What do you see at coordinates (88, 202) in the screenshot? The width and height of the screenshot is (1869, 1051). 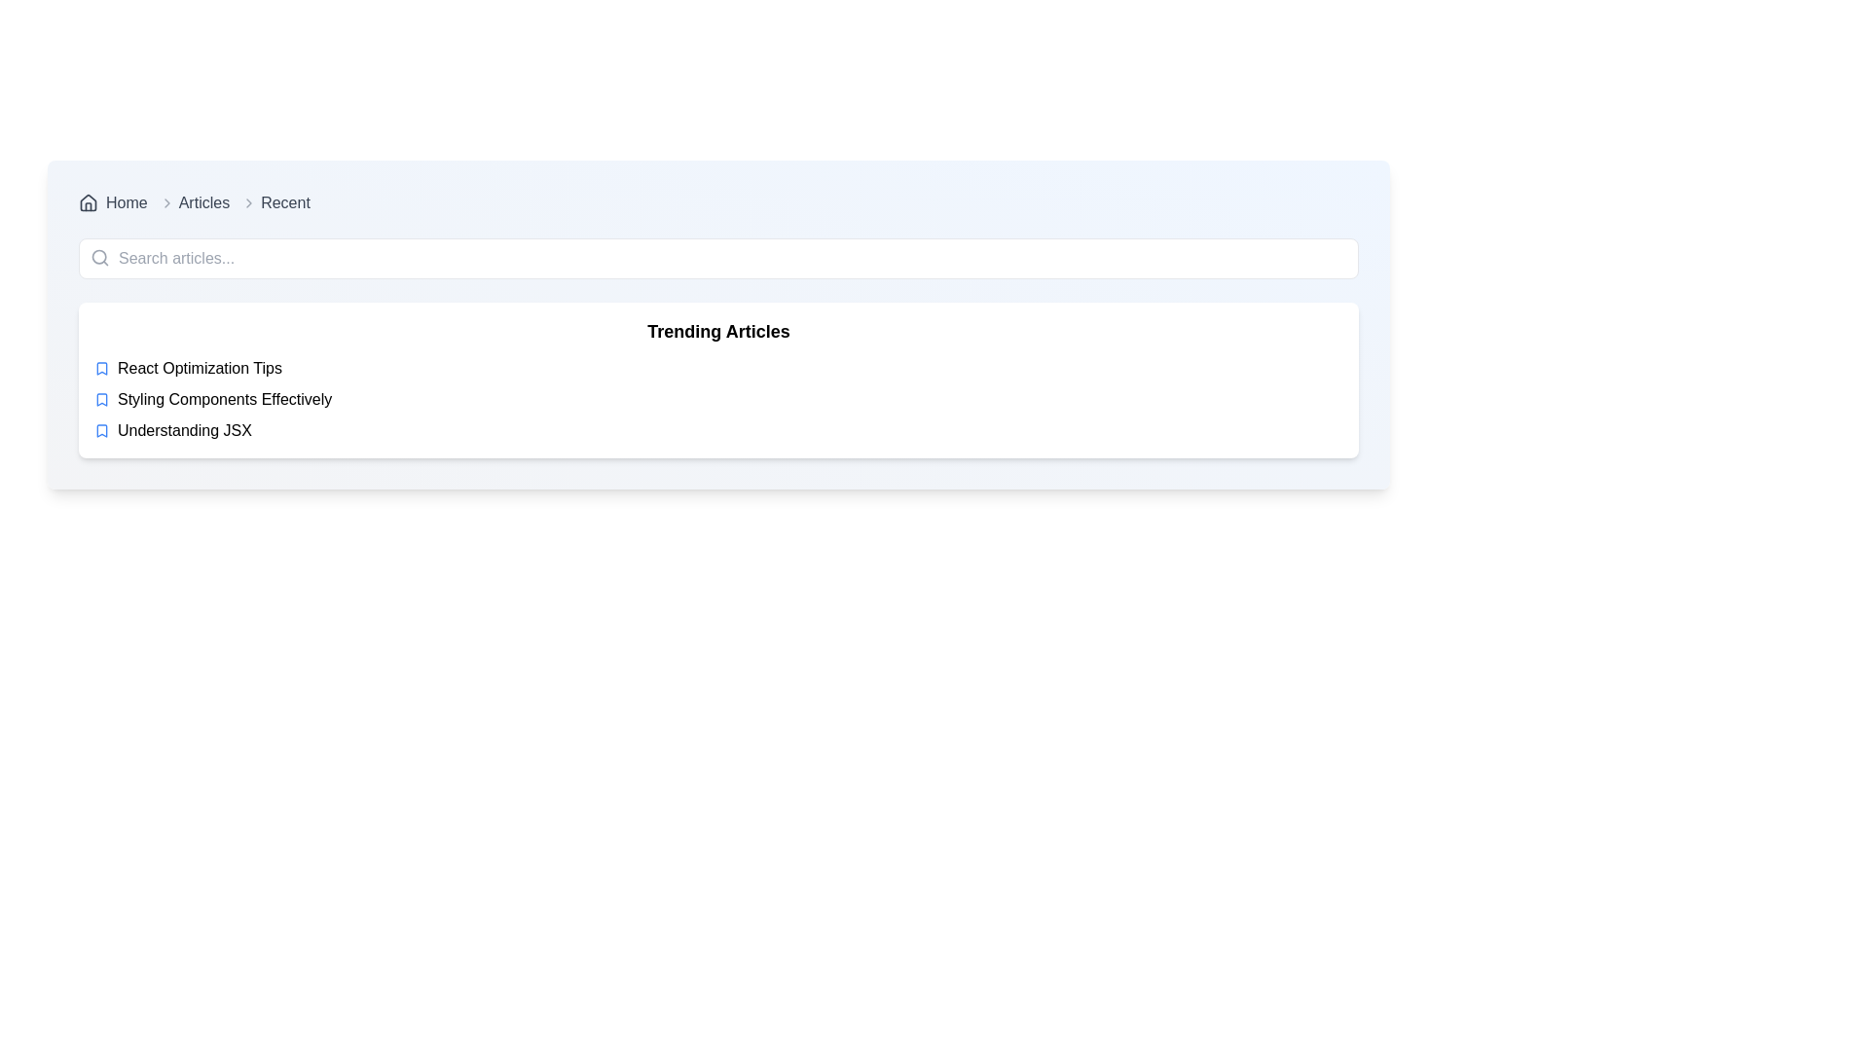 I see `the center dot of the house-like icon in the navigation breadcrumb menu bar` at bounding box center [88, 202].